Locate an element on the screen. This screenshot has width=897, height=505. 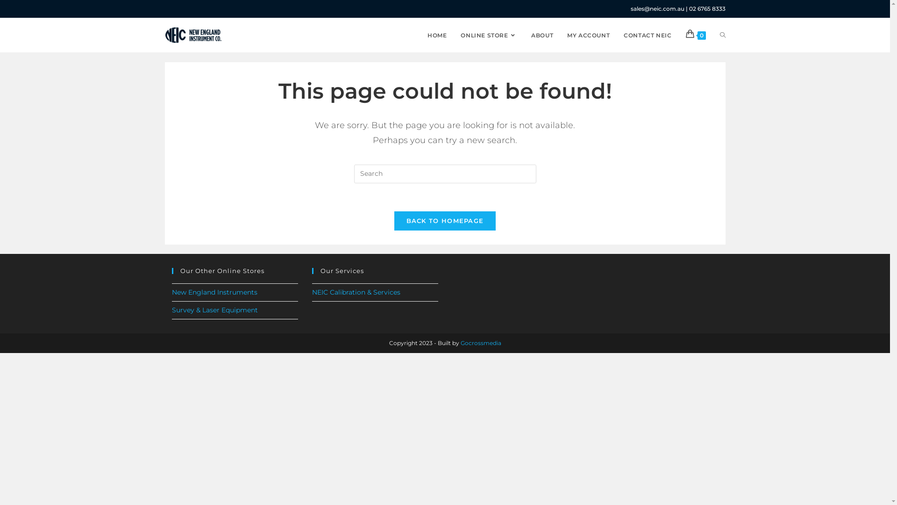
'TOGGLE WEBSITE SEARCH' is located at coordinates (722, 35).